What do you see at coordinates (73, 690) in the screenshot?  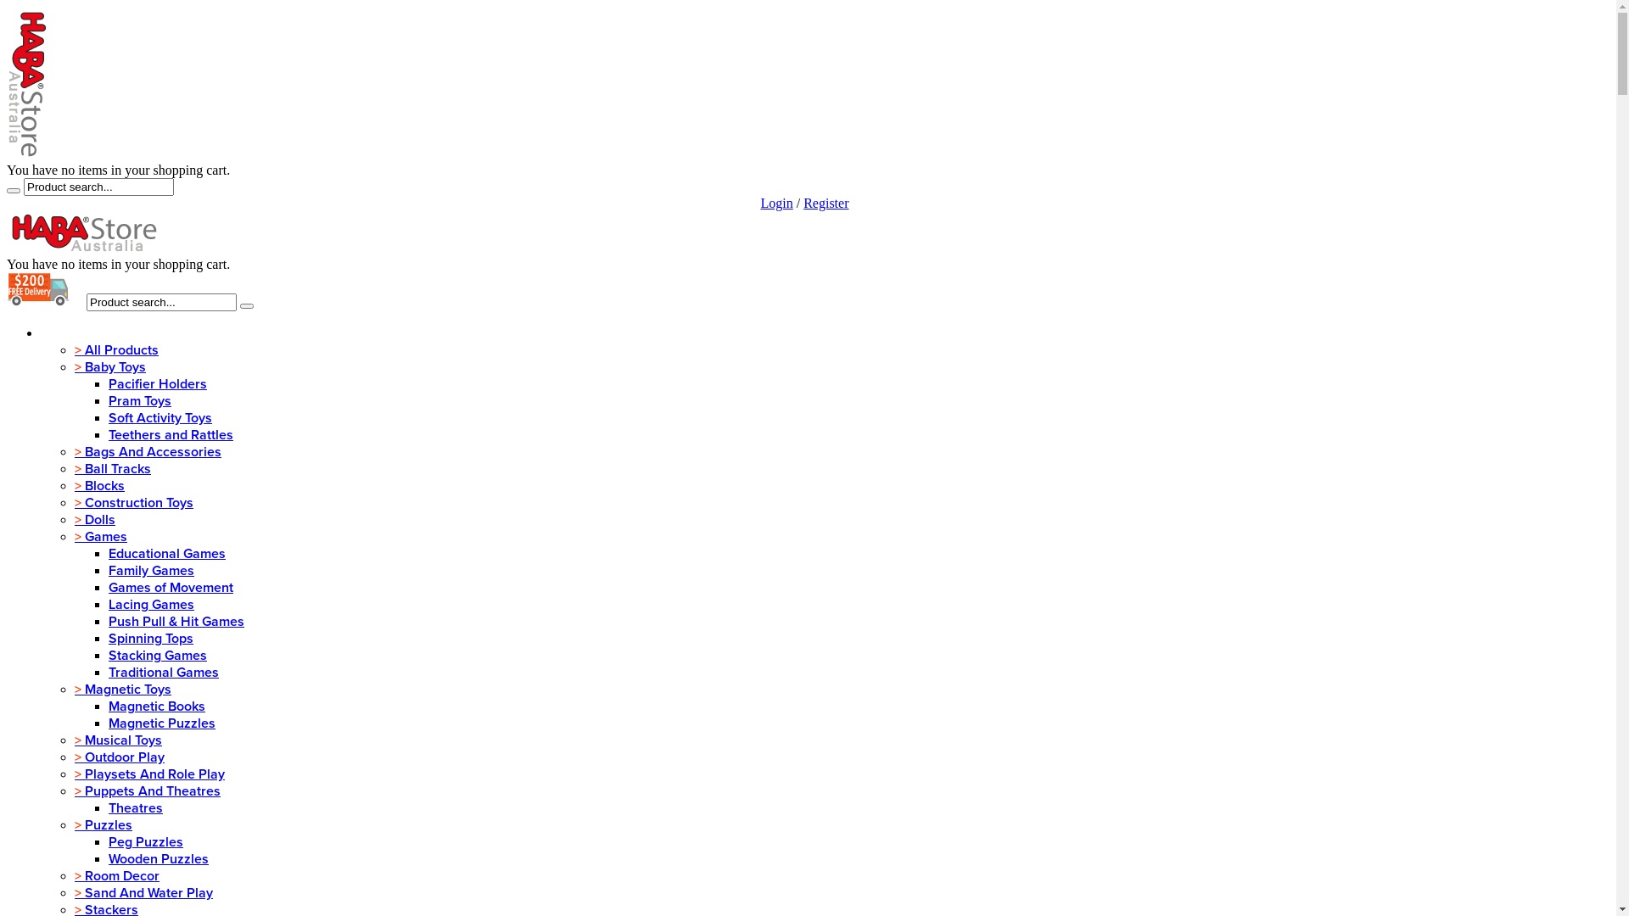 I see `'> Magnetic Toys'` at bounding box center [73, 690].